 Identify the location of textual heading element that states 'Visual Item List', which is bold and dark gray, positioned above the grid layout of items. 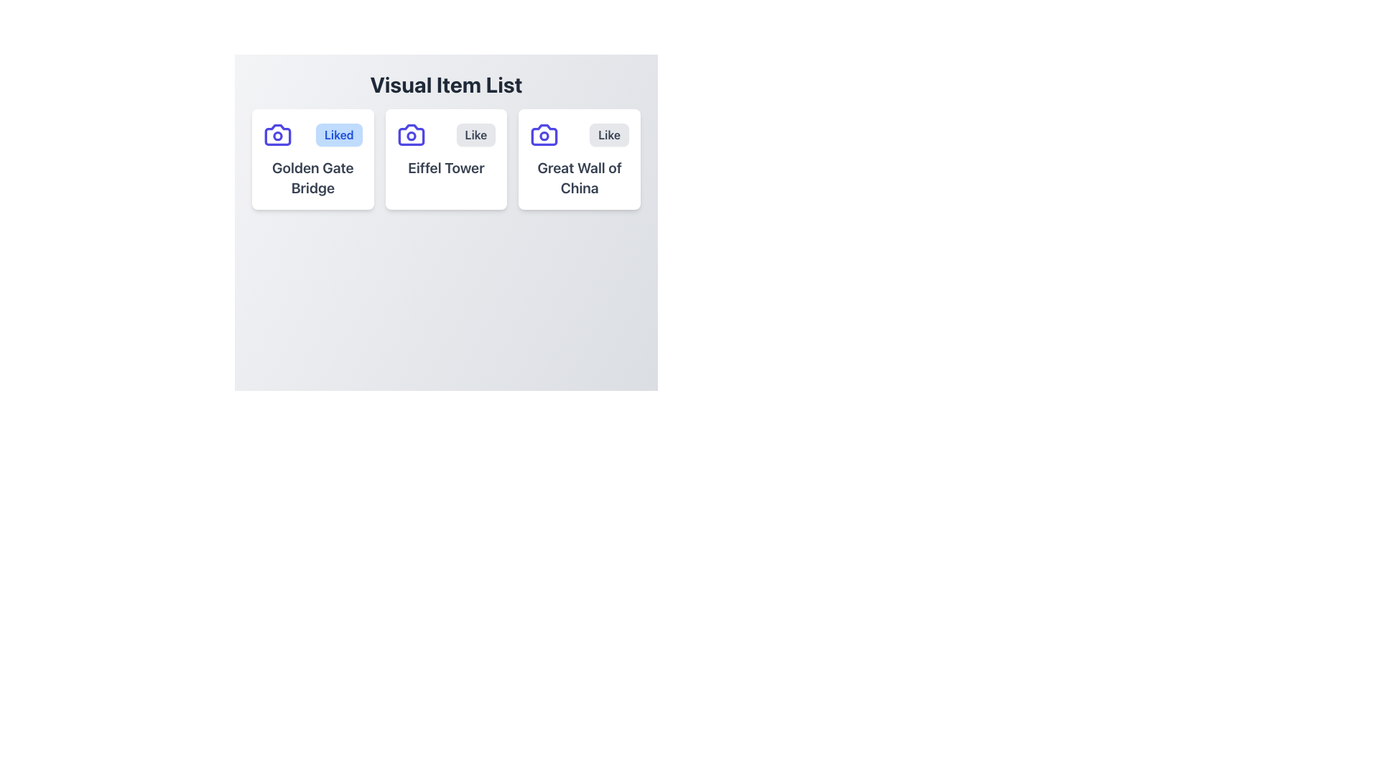
(445, 85).